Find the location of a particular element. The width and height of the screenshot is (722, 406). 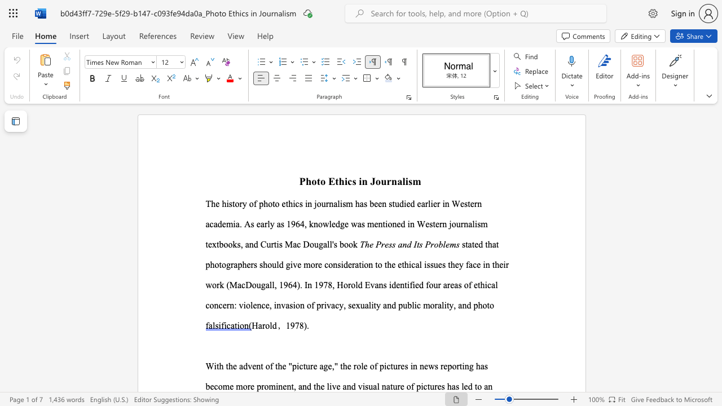

the 1th character "f" in the text is located at coordinates (467, 264).